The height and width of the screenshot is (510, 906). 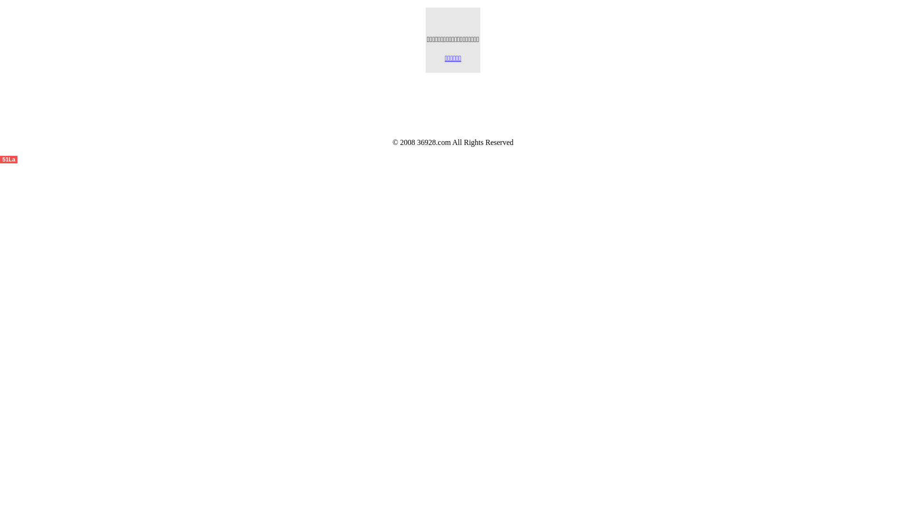 What do you see at coordinates (8, 158) in the screenshot?
I see `'51La'` at bounding box center [8, 158].